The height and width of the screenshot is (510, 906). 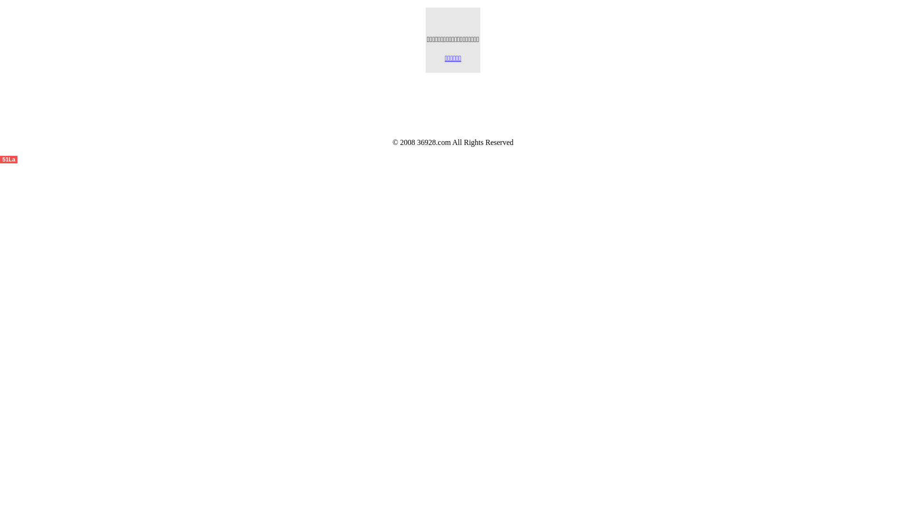 What do you see at coordinates (8, 158) in the screenshot?
I see `'51La'` at bounding box center [8, 158].